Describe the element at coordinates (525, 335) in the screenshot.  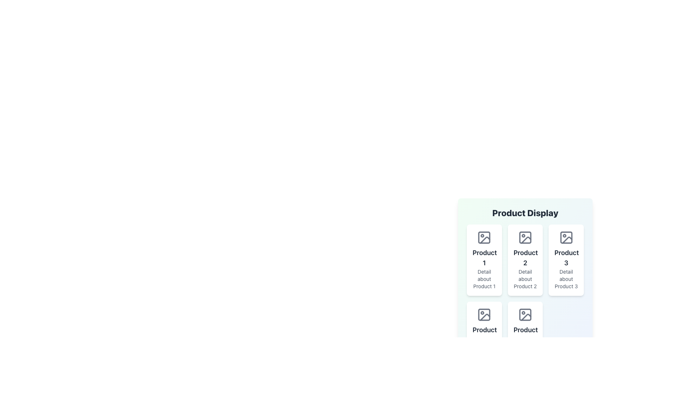
I see `the text label that titles the product in the bottom row of the white card component with rounded corners and shadow` at that location.